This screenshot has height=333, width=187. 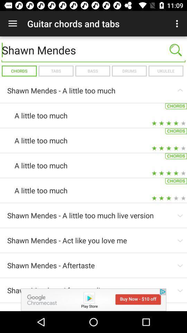 I want to click on the item to the left of ukulele icon, so click(x=129, y=71).